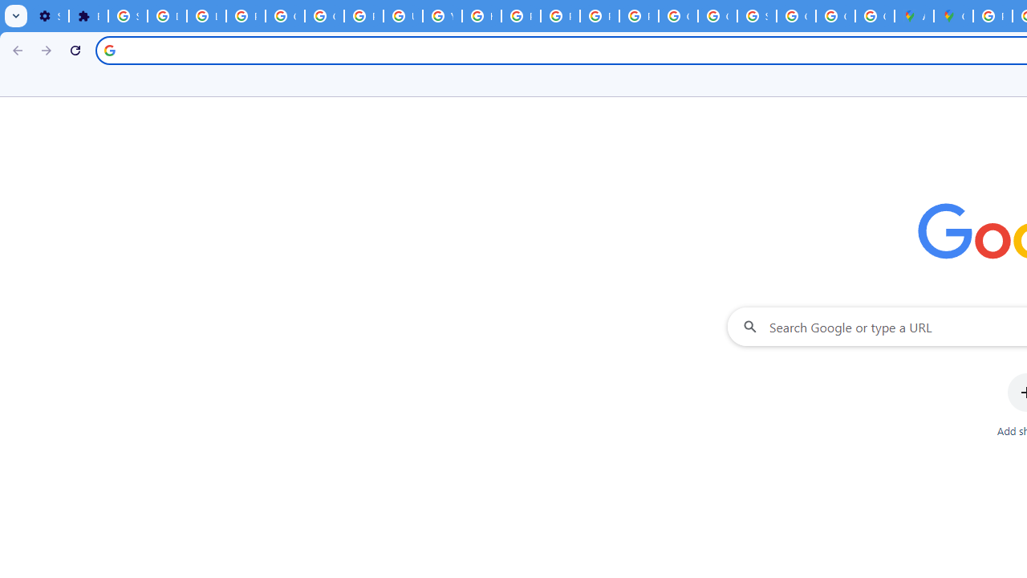 The width and height of the screenshot is (1027, 578). I want to click on 'Settings - On startup', so click(49, 16).